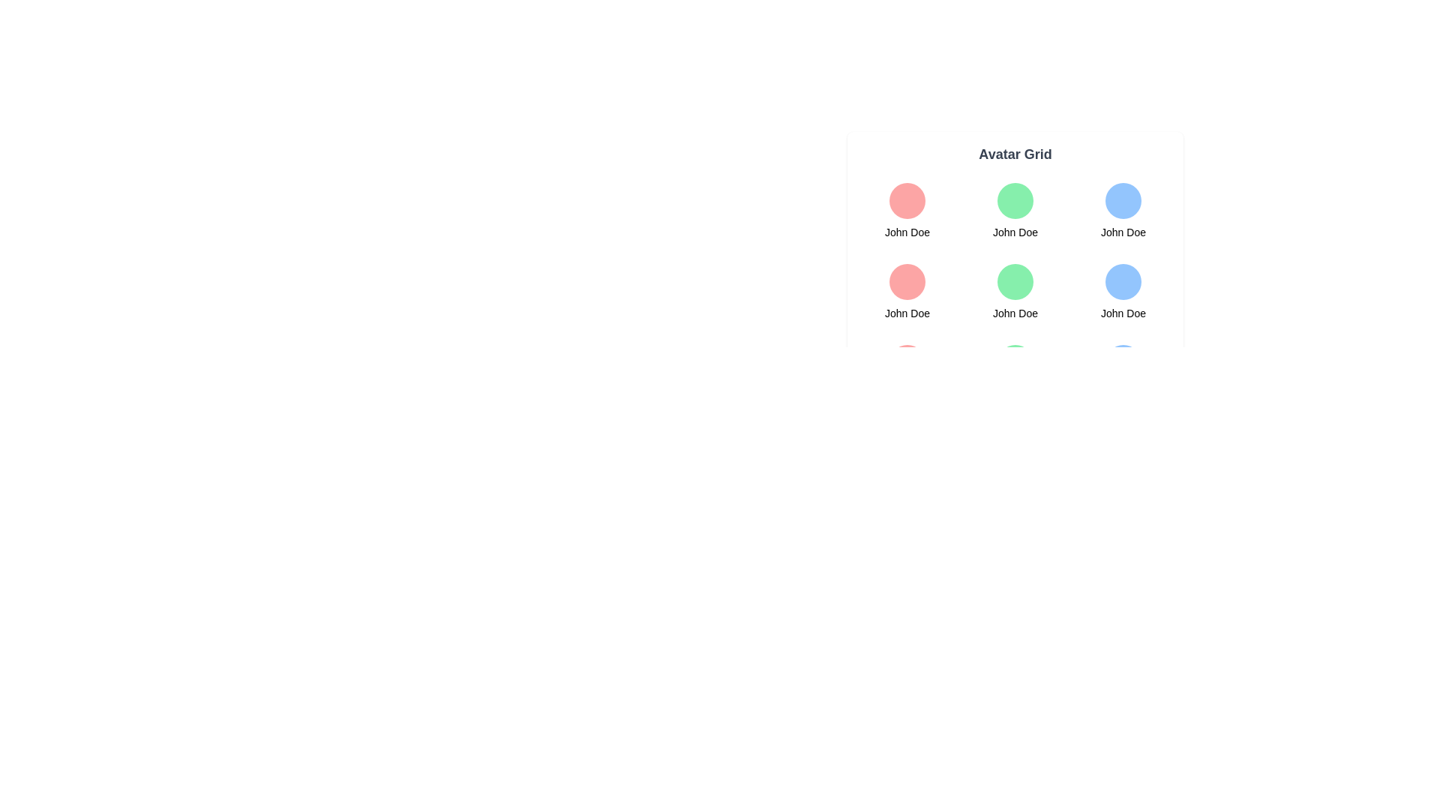  I want to click on the avatar representing 'John Doe' located in the third column and second row of the grid, so click(1123, 281).